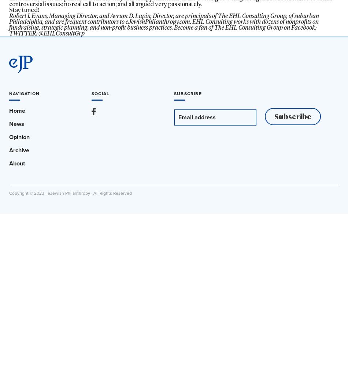  What do you see at coordinates (303, 27) in the screenshot?
I see `'Facebook'` at bounding box center [303, 27].